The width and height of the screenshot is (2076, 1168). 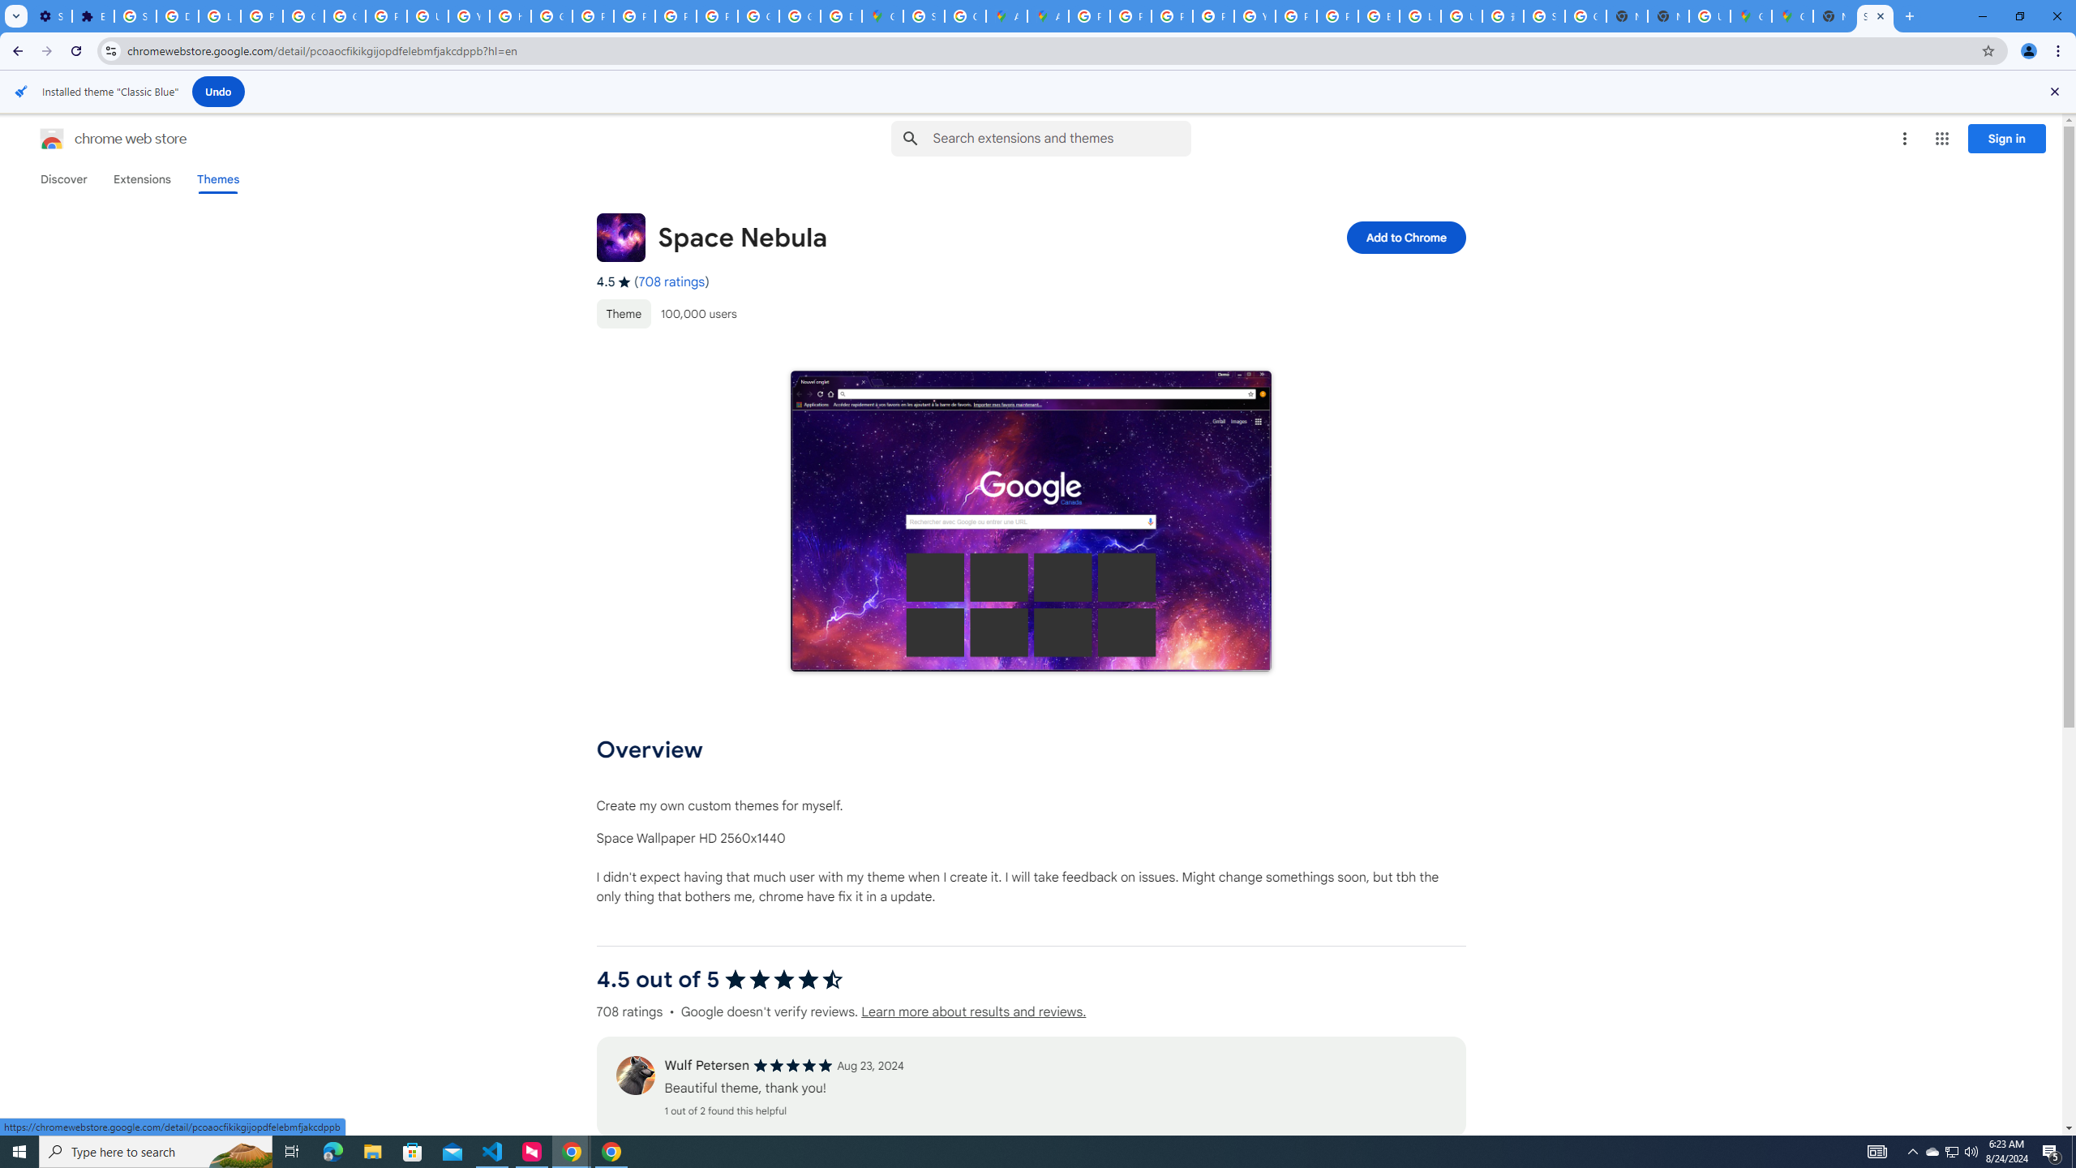 I want to click on 'Sign in - Google Accounts', so click(x=135, y=15).